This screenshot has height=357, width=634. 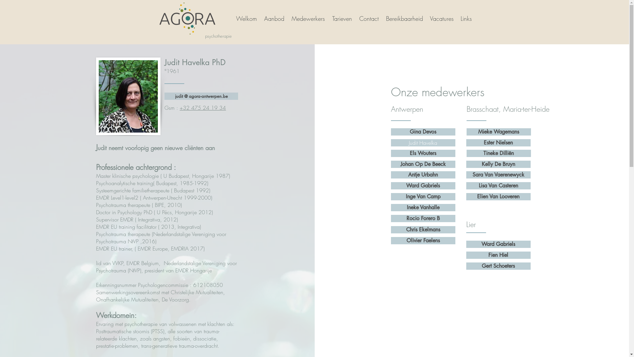 I want to click on 'Inge Van Camp', so click(x=423, y=196).